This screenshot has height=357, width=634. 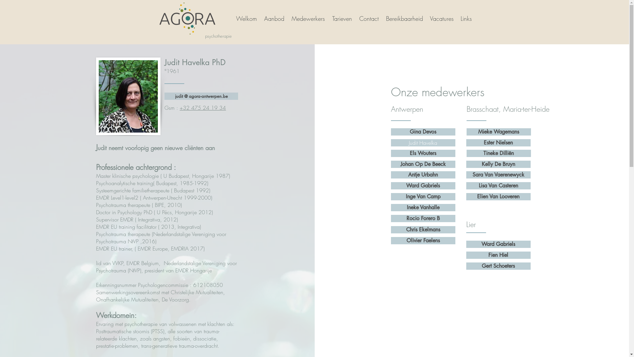 I want to click on 'Inge Van Camp', so click(x=423, y=196).